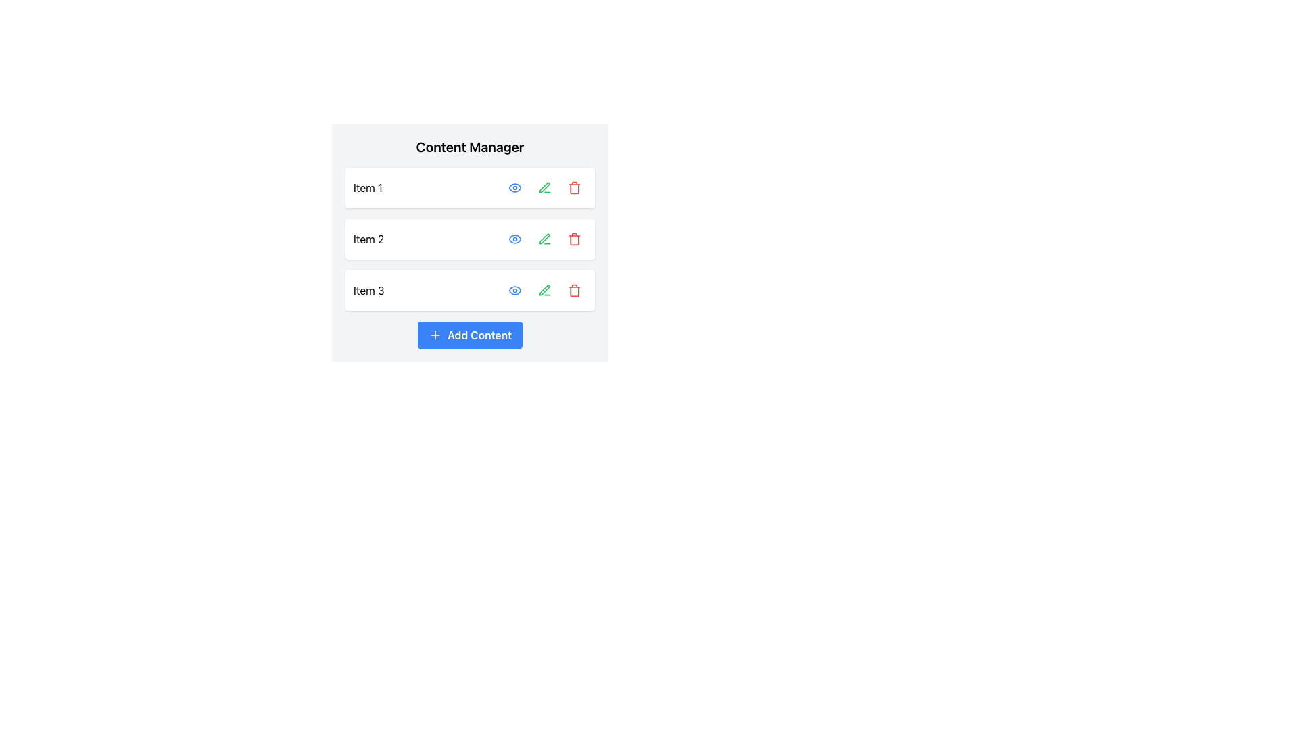  Describe the element at coordinates (470, 239) in the screenshot. I see `the second item in the content management interface` at that location.